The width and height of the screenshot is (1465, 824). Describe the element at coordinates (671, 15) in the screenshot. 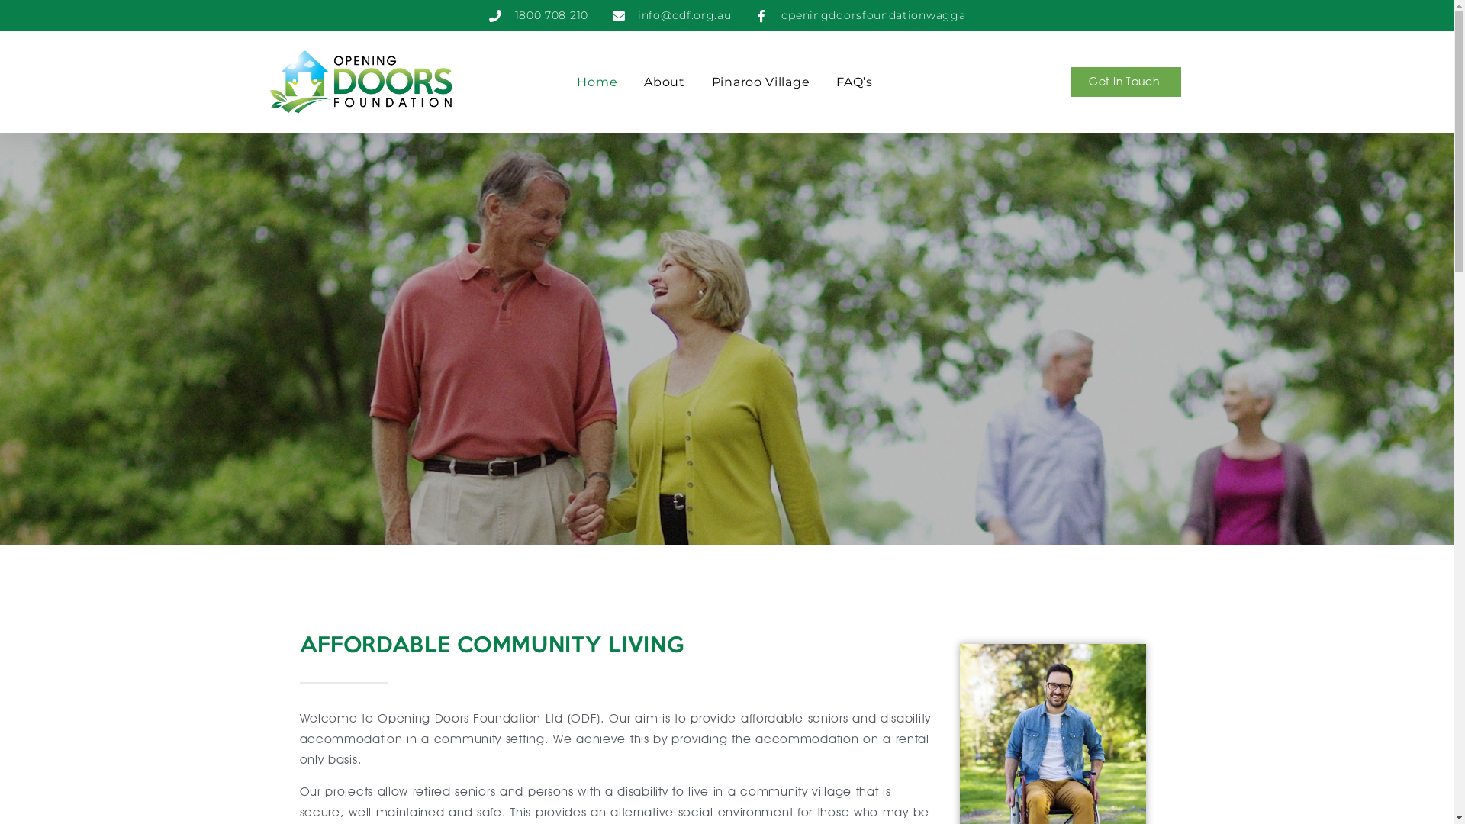

I see `'info@odf.org.au'` at that location.